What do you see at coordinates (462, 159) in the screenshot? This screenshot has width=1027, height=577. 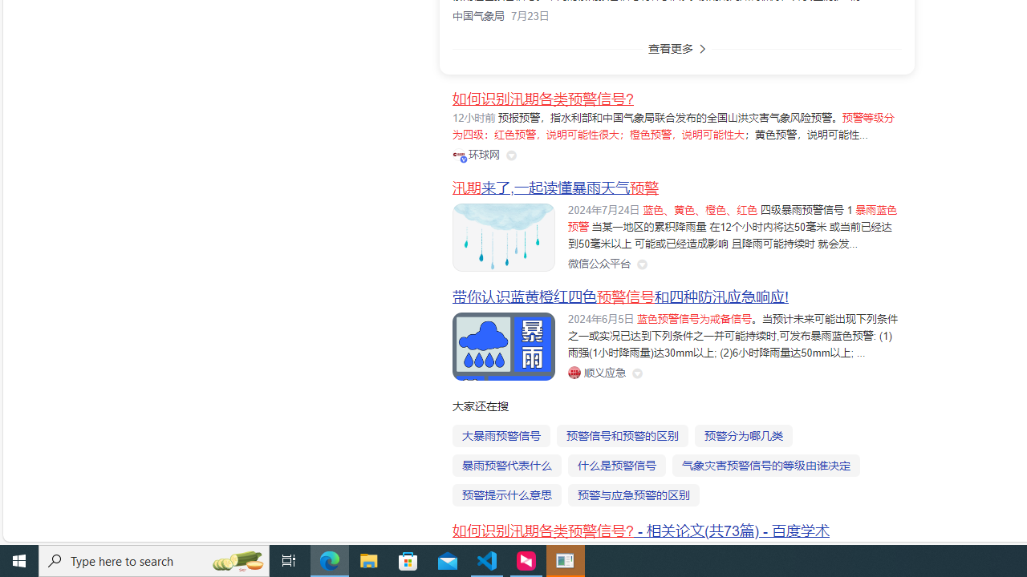 I see `'Class: vip-icon_kNmNt'` at bounding box center [462, 159].